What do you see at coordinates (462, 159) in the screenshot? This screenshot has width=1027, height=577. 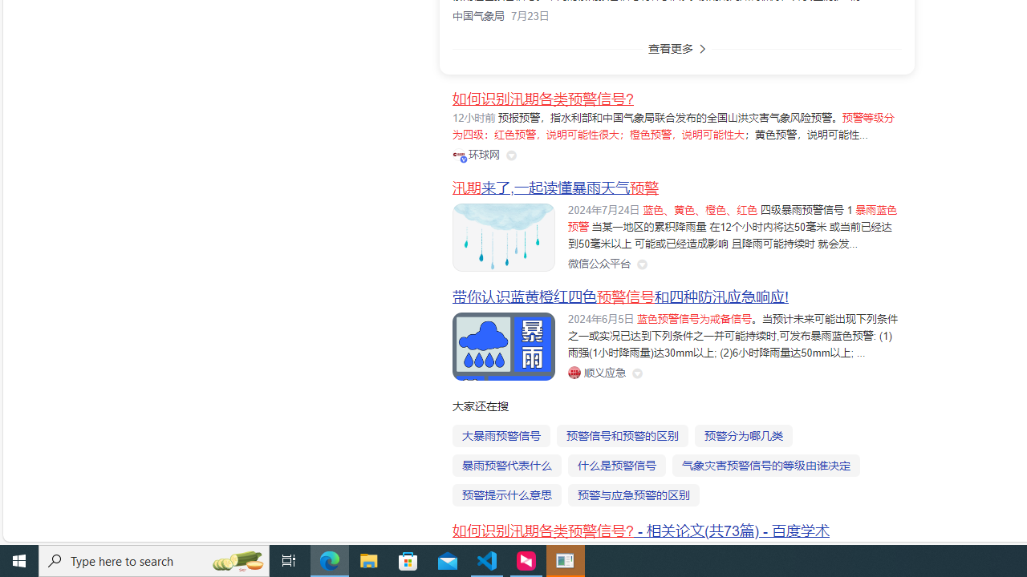 I see `'Class: vip-icon_kNmNt'` at bounding box center [462, 159].